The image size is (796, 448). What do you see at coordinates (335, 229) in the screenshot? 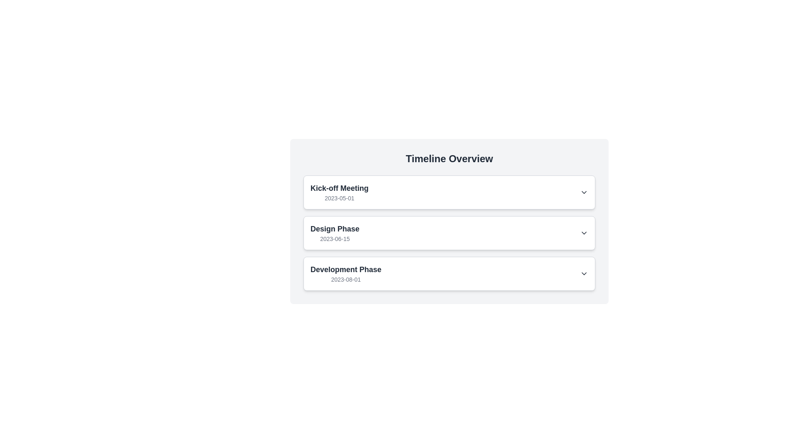
I see `the 'Design Phase' text label, which is styled in bold and larger font, located in the 'Timeline Overview' list, positioned above the date '2023-06-15'` at bounding box center [335, 229].